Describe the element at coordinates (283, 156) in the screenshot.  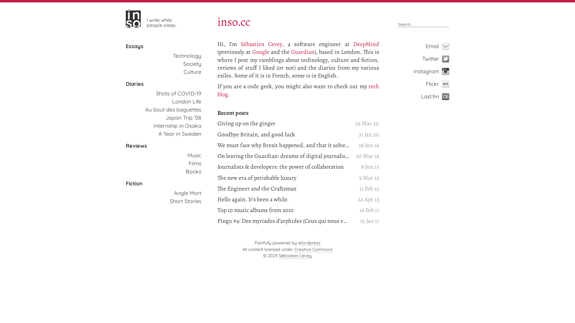
I see `'On leaving the Guardian: dreams of digital journalism'` at that location.